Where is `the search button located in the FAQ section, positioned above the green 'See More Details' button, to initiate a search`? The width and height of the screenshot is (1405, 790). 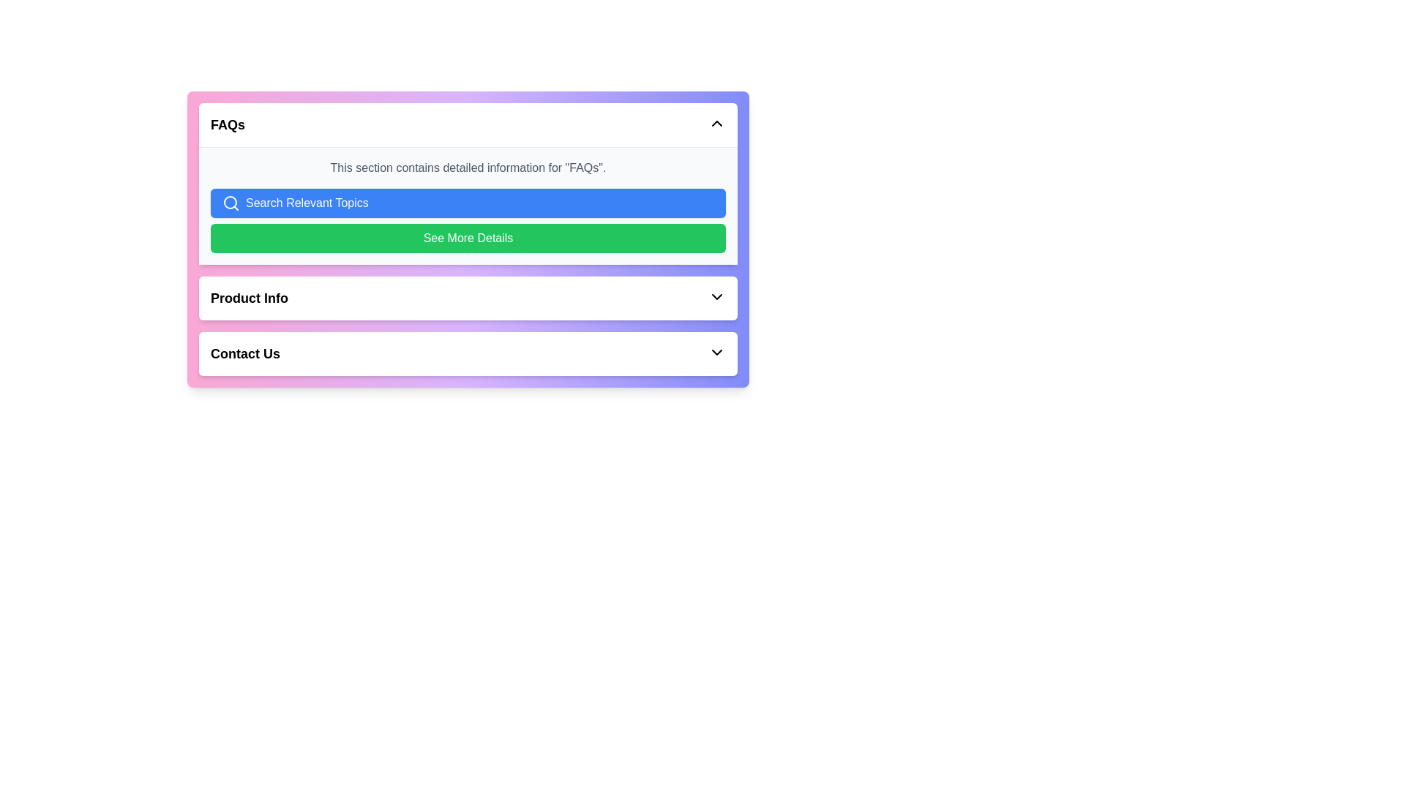 the search button located in the FAQ section, positioned above the green 'See More Details' button, to initiate a search is located at coordinates (467, 203).